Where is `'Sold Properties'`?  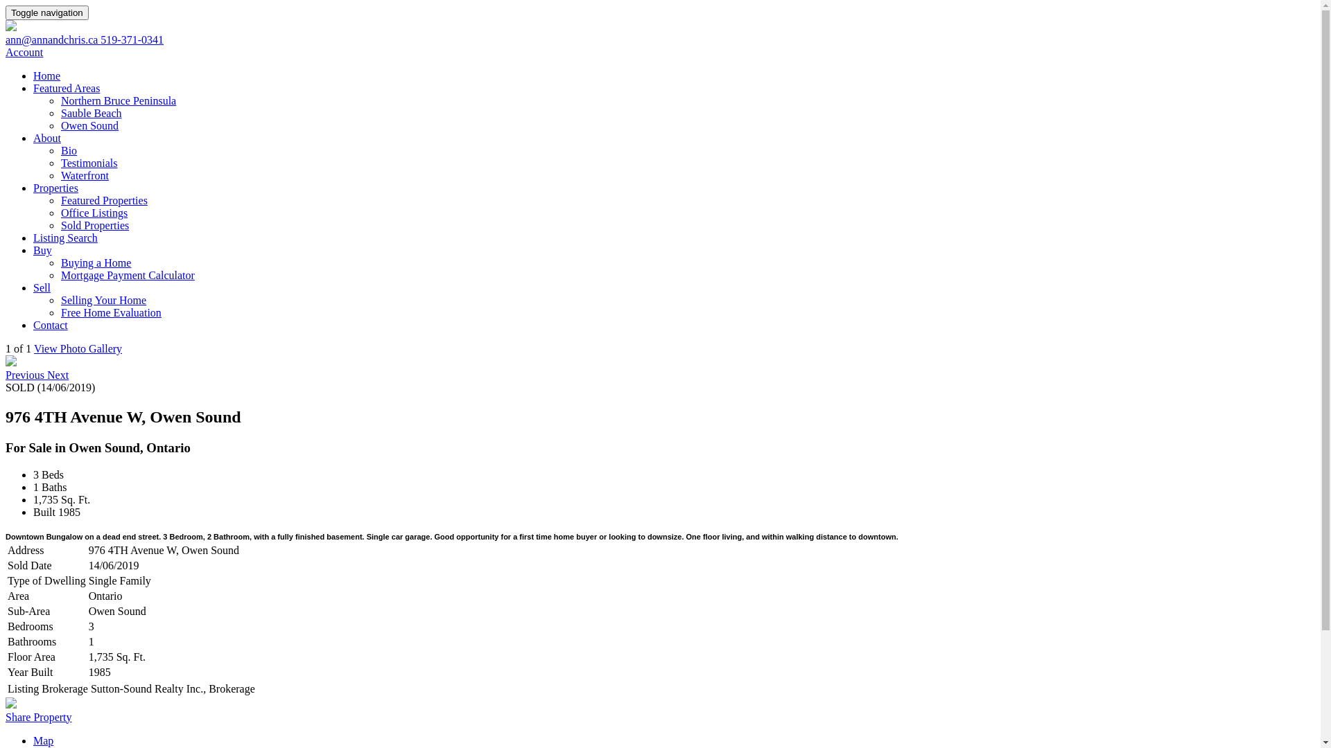 'Sold Properties' is located at coordinates (94, 224).